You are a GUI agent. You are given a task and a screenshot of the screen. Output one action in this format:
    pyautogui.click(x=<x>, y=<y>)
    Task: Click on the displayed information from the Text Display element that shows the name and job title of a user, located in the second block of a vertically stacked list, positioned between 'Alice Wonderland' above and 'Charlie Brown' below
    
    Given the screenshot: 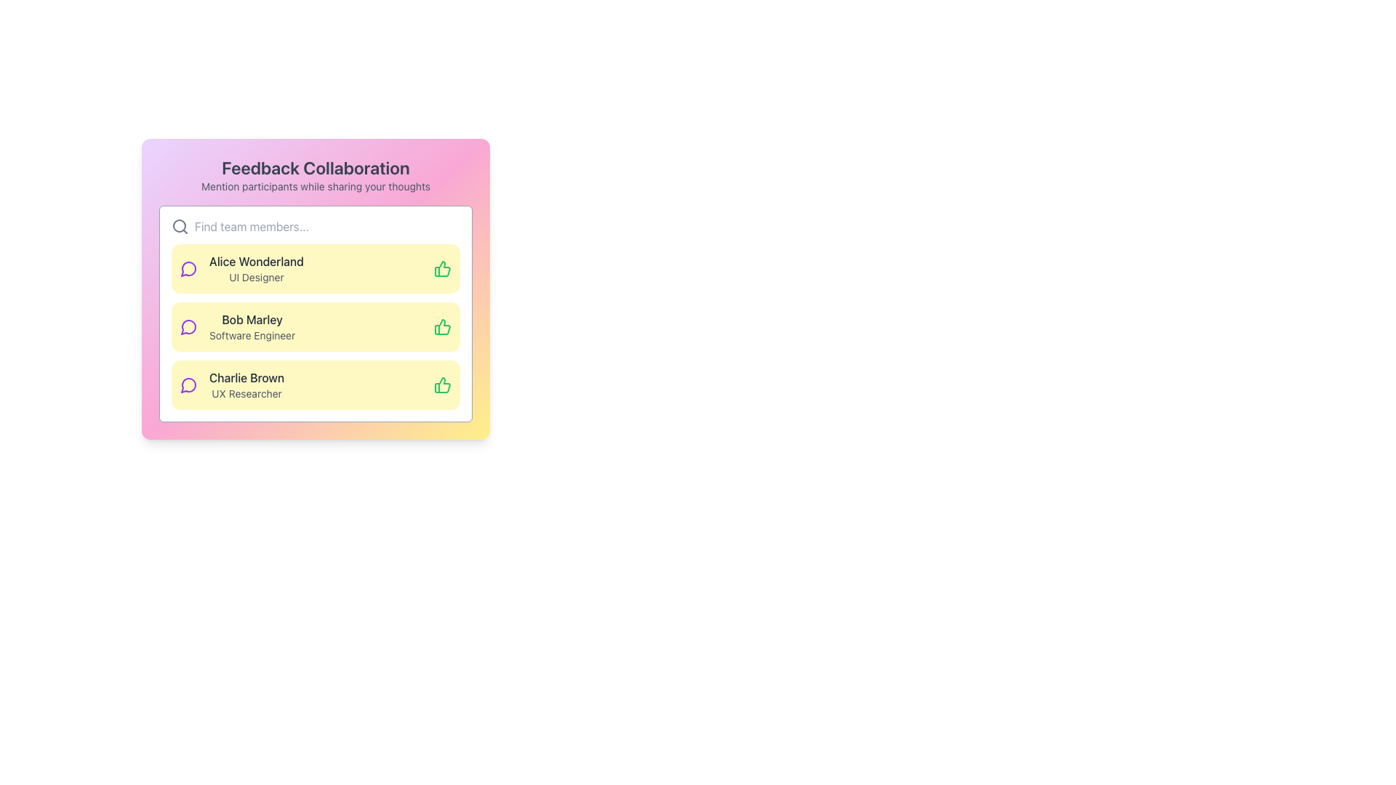 What is the action you would take?
    pyautogui.click(x=252, y=327)
    